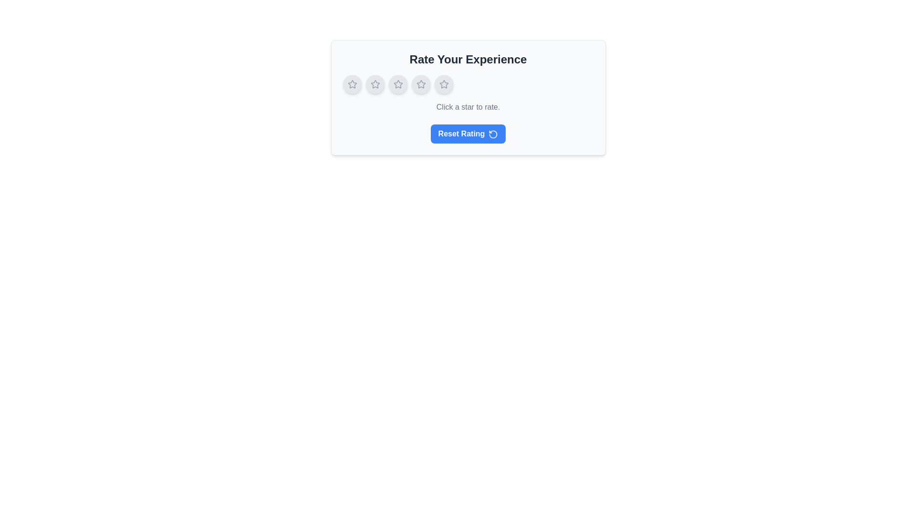  What do you see at coordinates (468, 84) in the screenshot?
I see `the star button in the horizontal grouping of interactive rating buttons for rating user experience, located centrally within the card titled 'Rate Your Experience'` at bounding box center [468, 84].